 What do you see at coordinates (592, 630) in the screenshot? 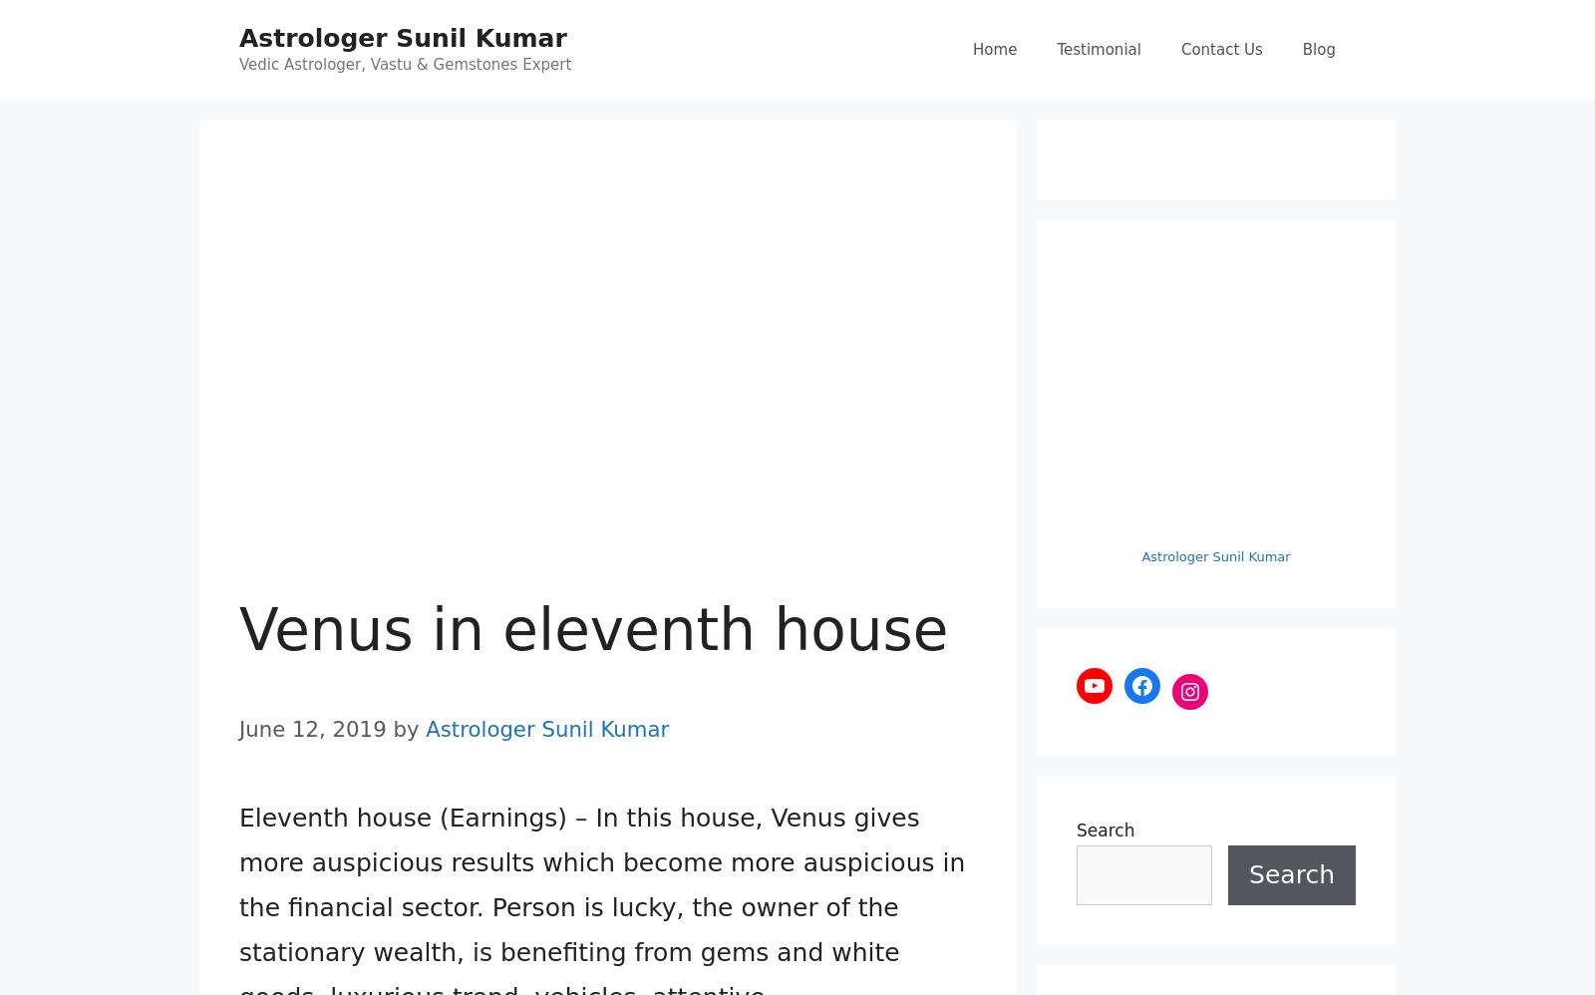
I see `'Venus in eleventh house'` at bounding box center [592, 630].